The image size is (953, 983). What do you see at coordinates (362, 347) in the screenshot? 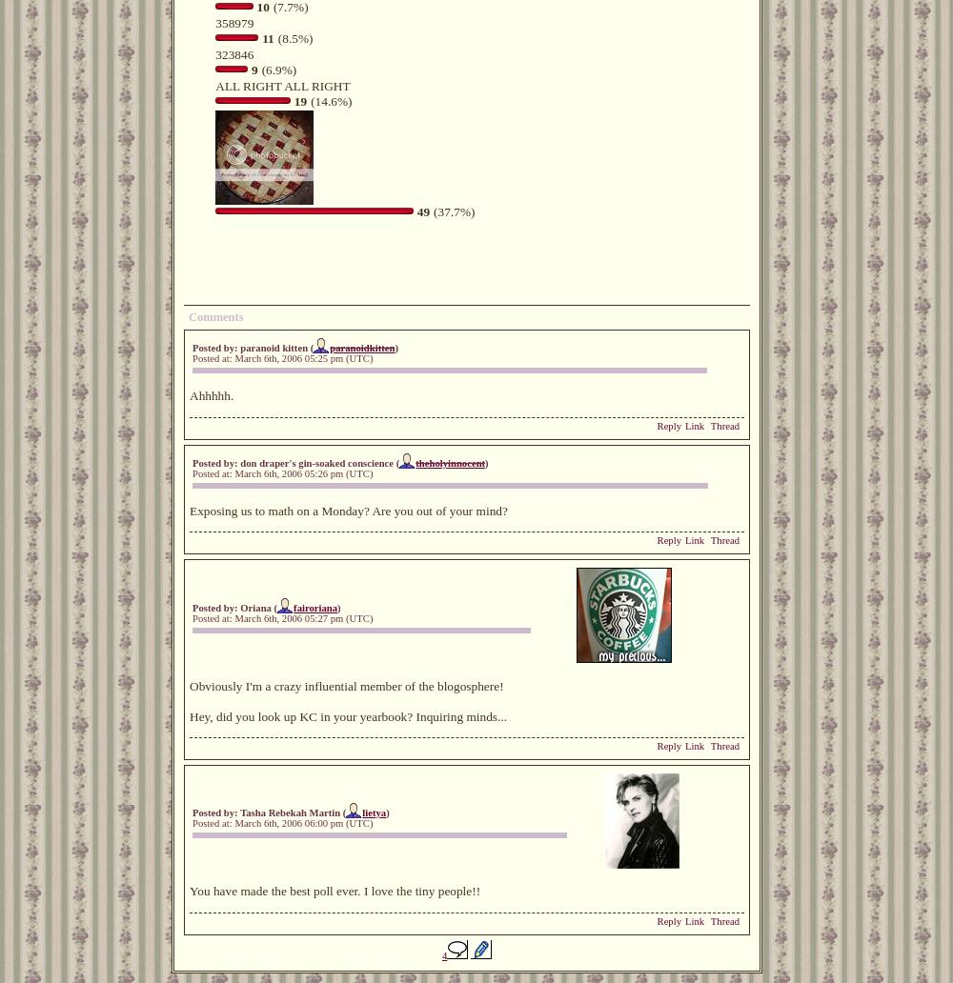
I see `'paranoidkitten'` at bounding box center [362, 347].